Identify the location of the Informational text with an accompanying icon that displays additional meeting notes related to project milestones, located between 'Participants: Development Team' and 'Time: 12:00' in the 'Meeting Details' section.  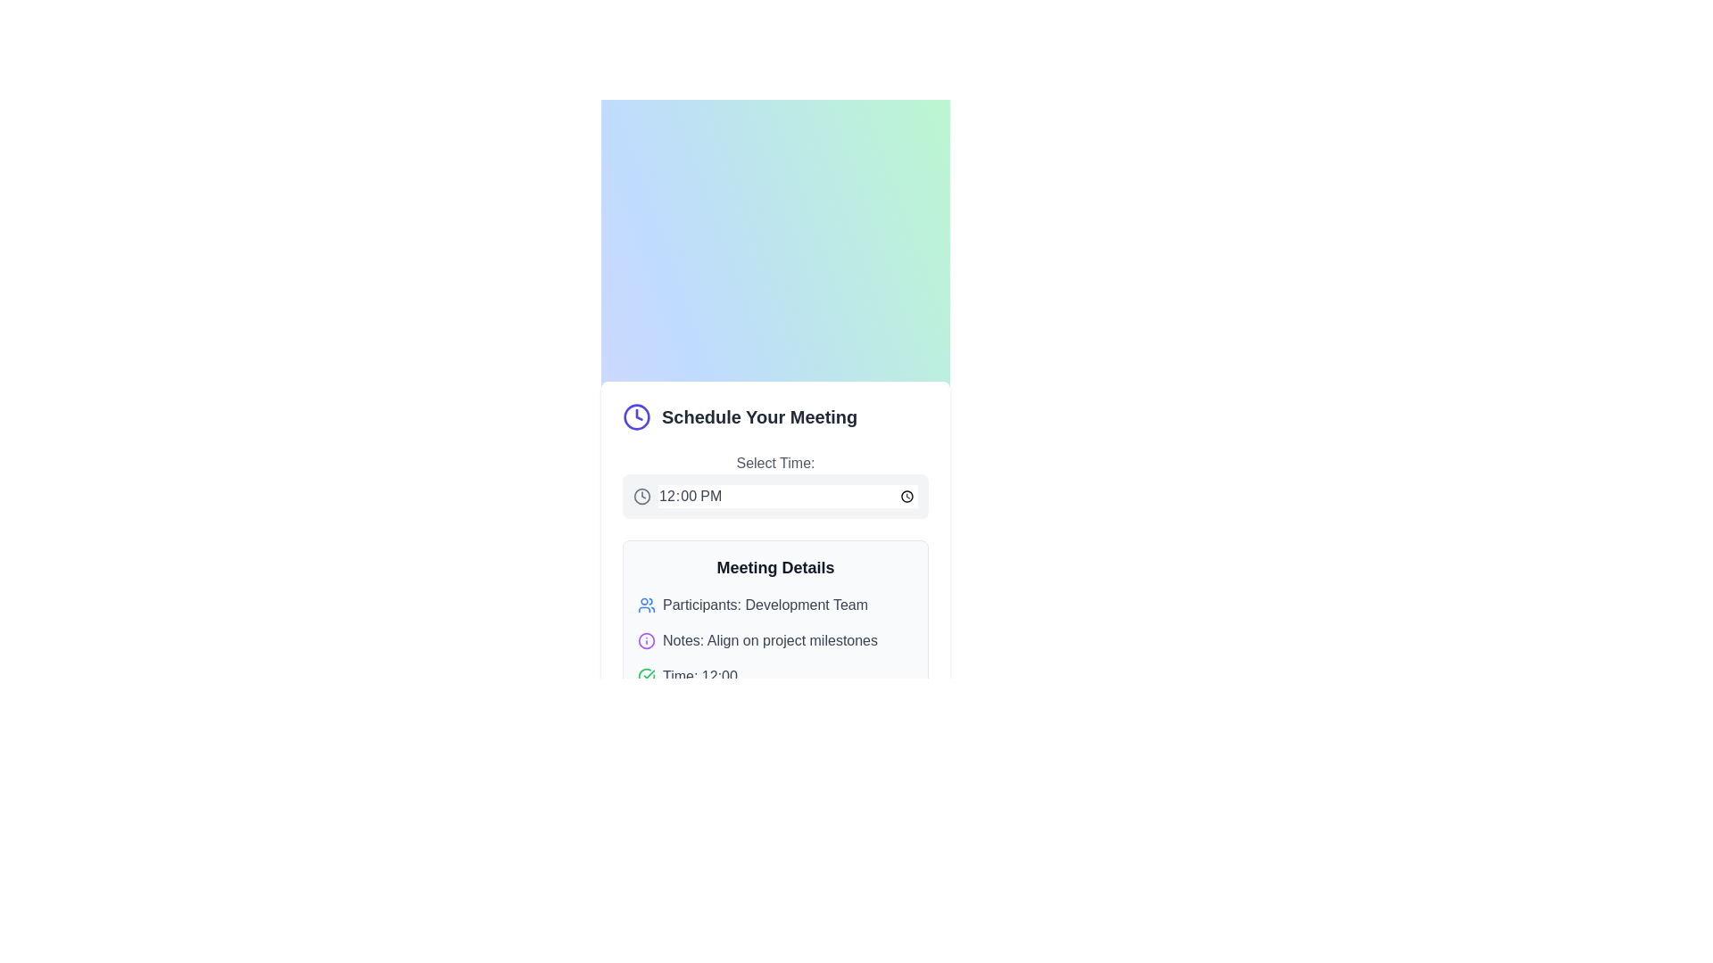
(775, 639).